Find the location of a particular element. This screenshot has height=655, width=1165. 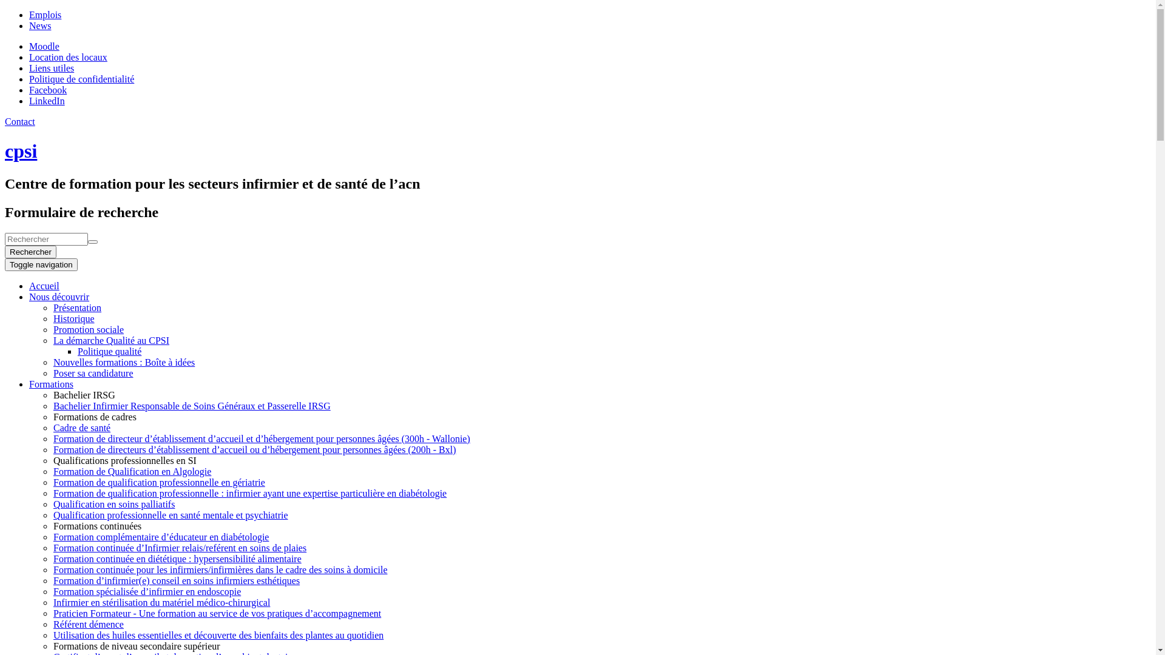

'Facebook' is located at coordinates (47, 89).